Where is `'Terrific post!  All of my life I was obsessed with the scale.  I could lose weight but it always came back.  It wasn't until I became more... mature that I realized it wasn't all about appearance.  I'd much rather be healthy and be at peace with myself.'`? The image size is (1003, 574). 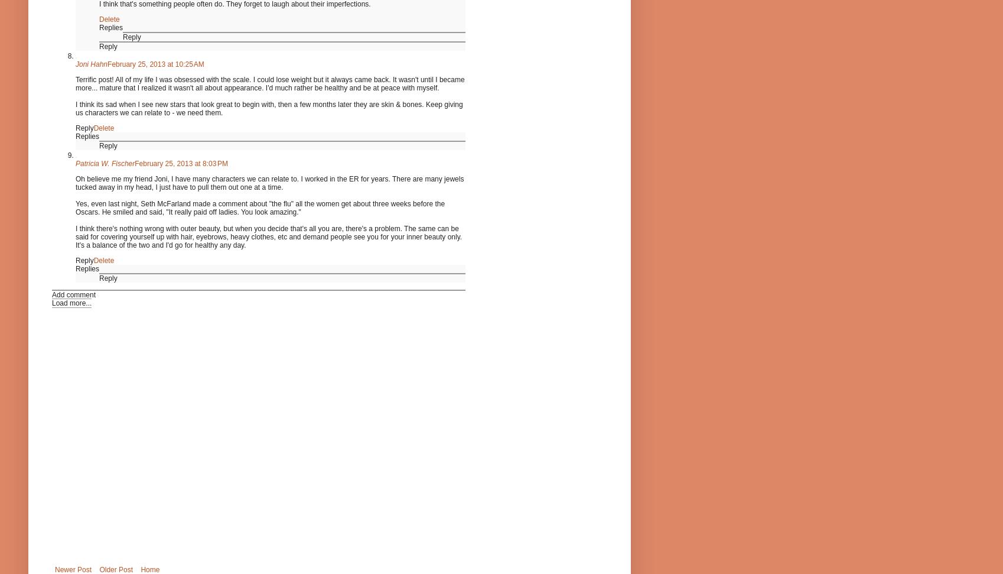
'Terrific post!  All of my life I was obsessed with the scale.  I could lose weight but it always came back.  It wasn't until I became more... mature that I realized it wasn't all about appearance.  I'd much rather be healthy and be at peace with myself.' is located at coordinates (269, 83).